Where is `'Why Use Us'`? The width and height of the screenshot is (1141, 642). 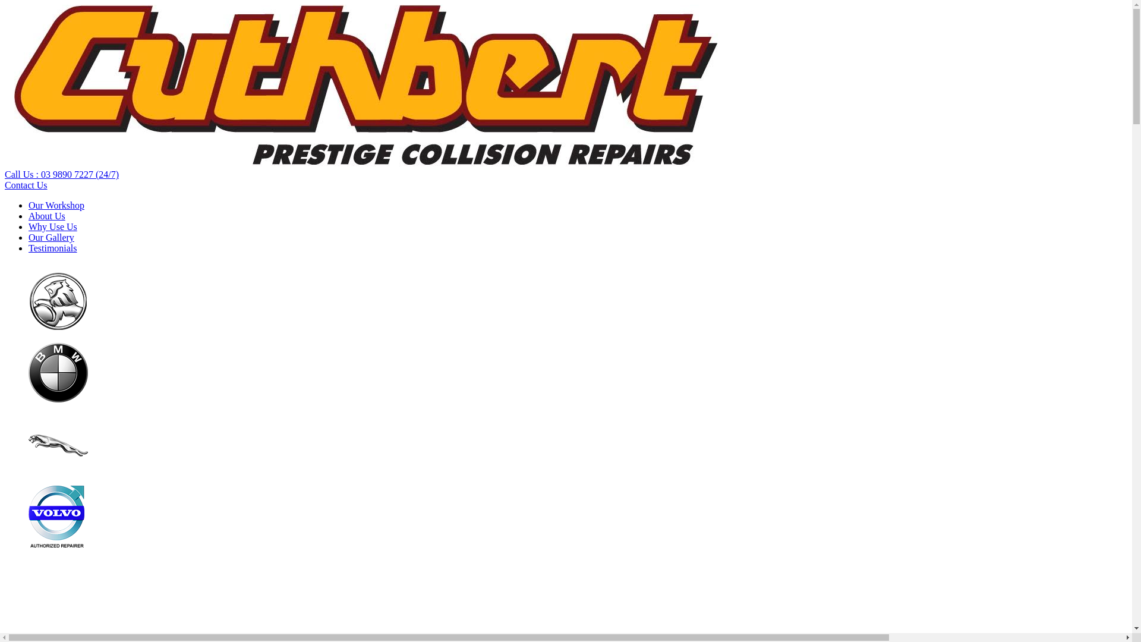
'Why Use Us' is located at coordinates (52, 226).